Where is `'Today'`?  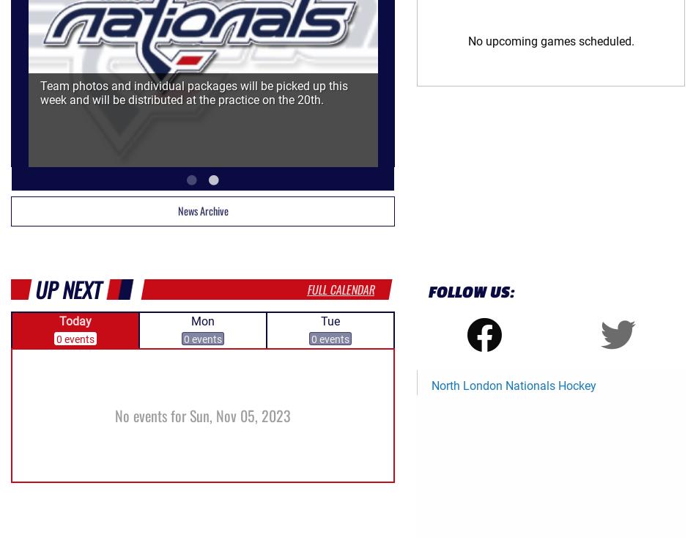 'Today' is located at coordinates (75, 321).